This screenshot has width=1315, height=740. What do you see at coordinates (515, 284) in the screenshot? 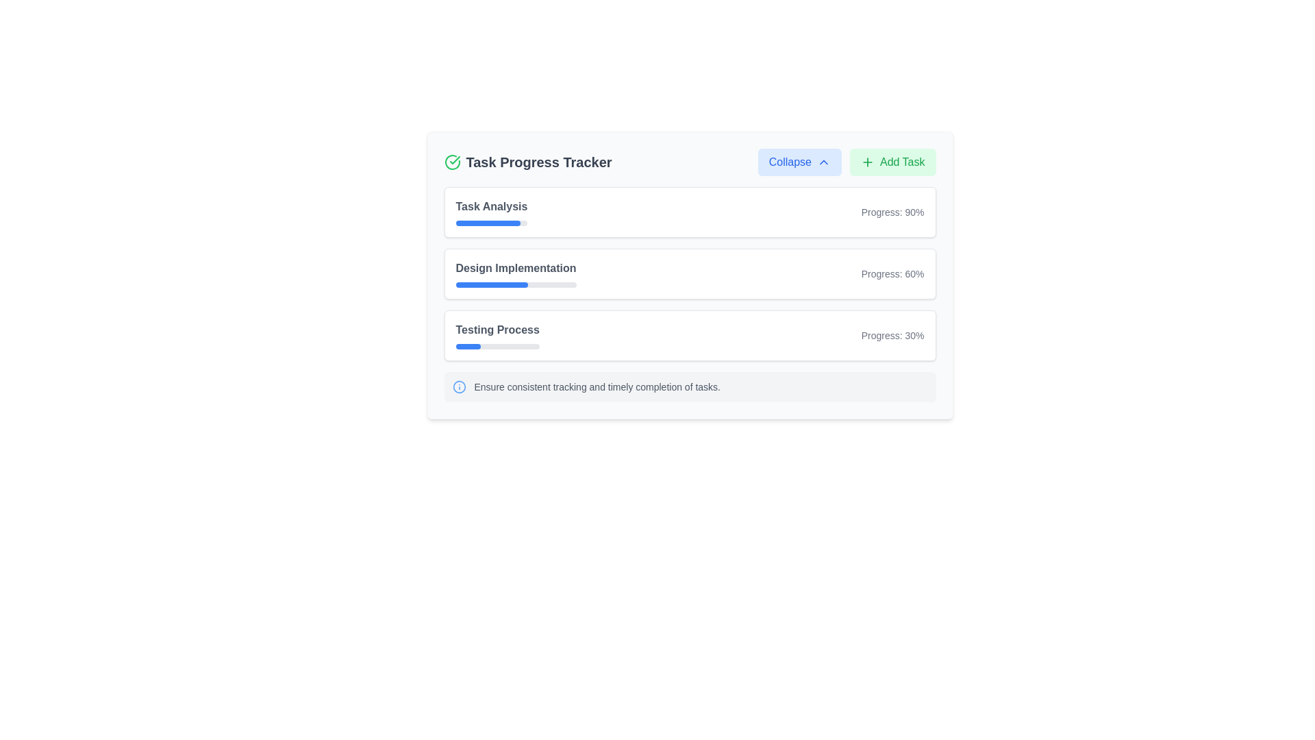
I see `the progress value represented by the progress bar indicating 60% completion of the 'Design Implementation' task, located centrally beneath the 'Design Implementation' label` at bounding box center [515, 284].